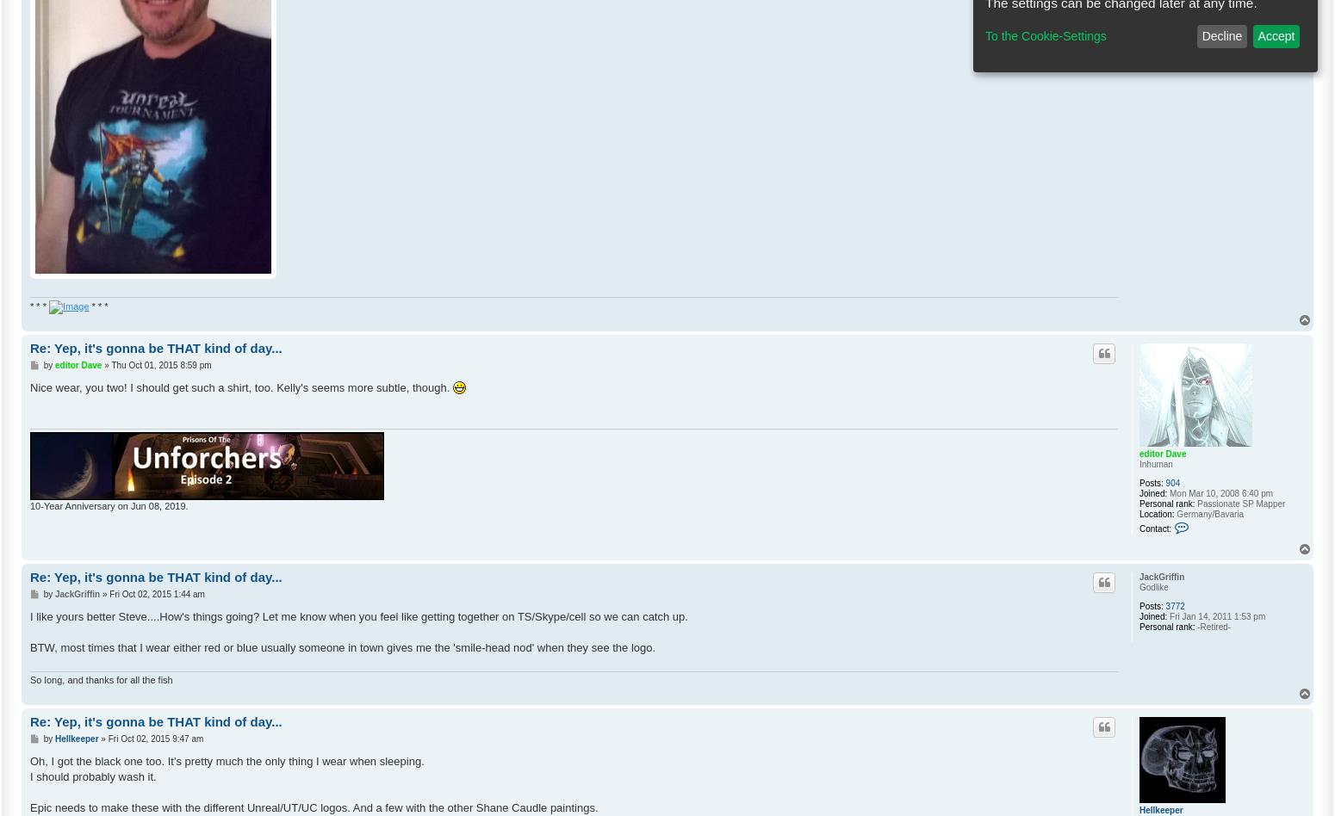  I want to click on 'Passionate SP Mapper', so click(1194, 503).